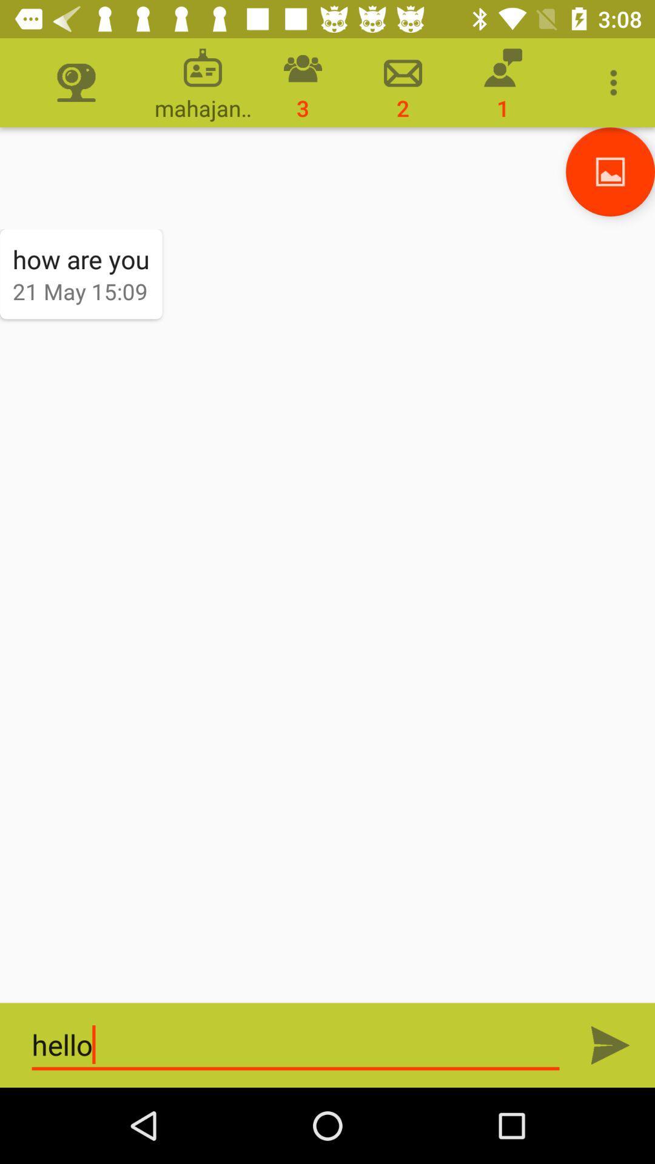  I want to click on send icon, so click(610, 1044).